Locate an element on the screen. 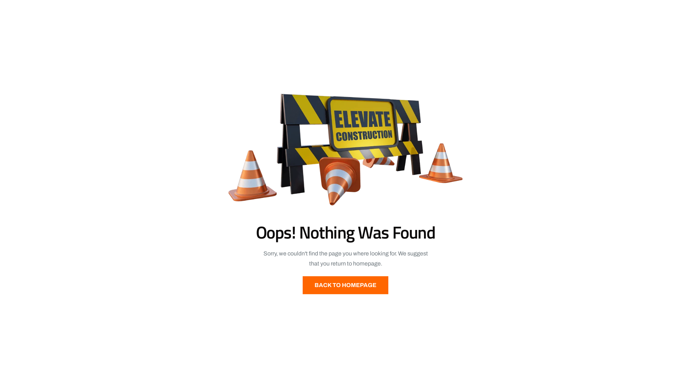  'BACK TO HOMEPAGE' is located at coordinates (345, 285).